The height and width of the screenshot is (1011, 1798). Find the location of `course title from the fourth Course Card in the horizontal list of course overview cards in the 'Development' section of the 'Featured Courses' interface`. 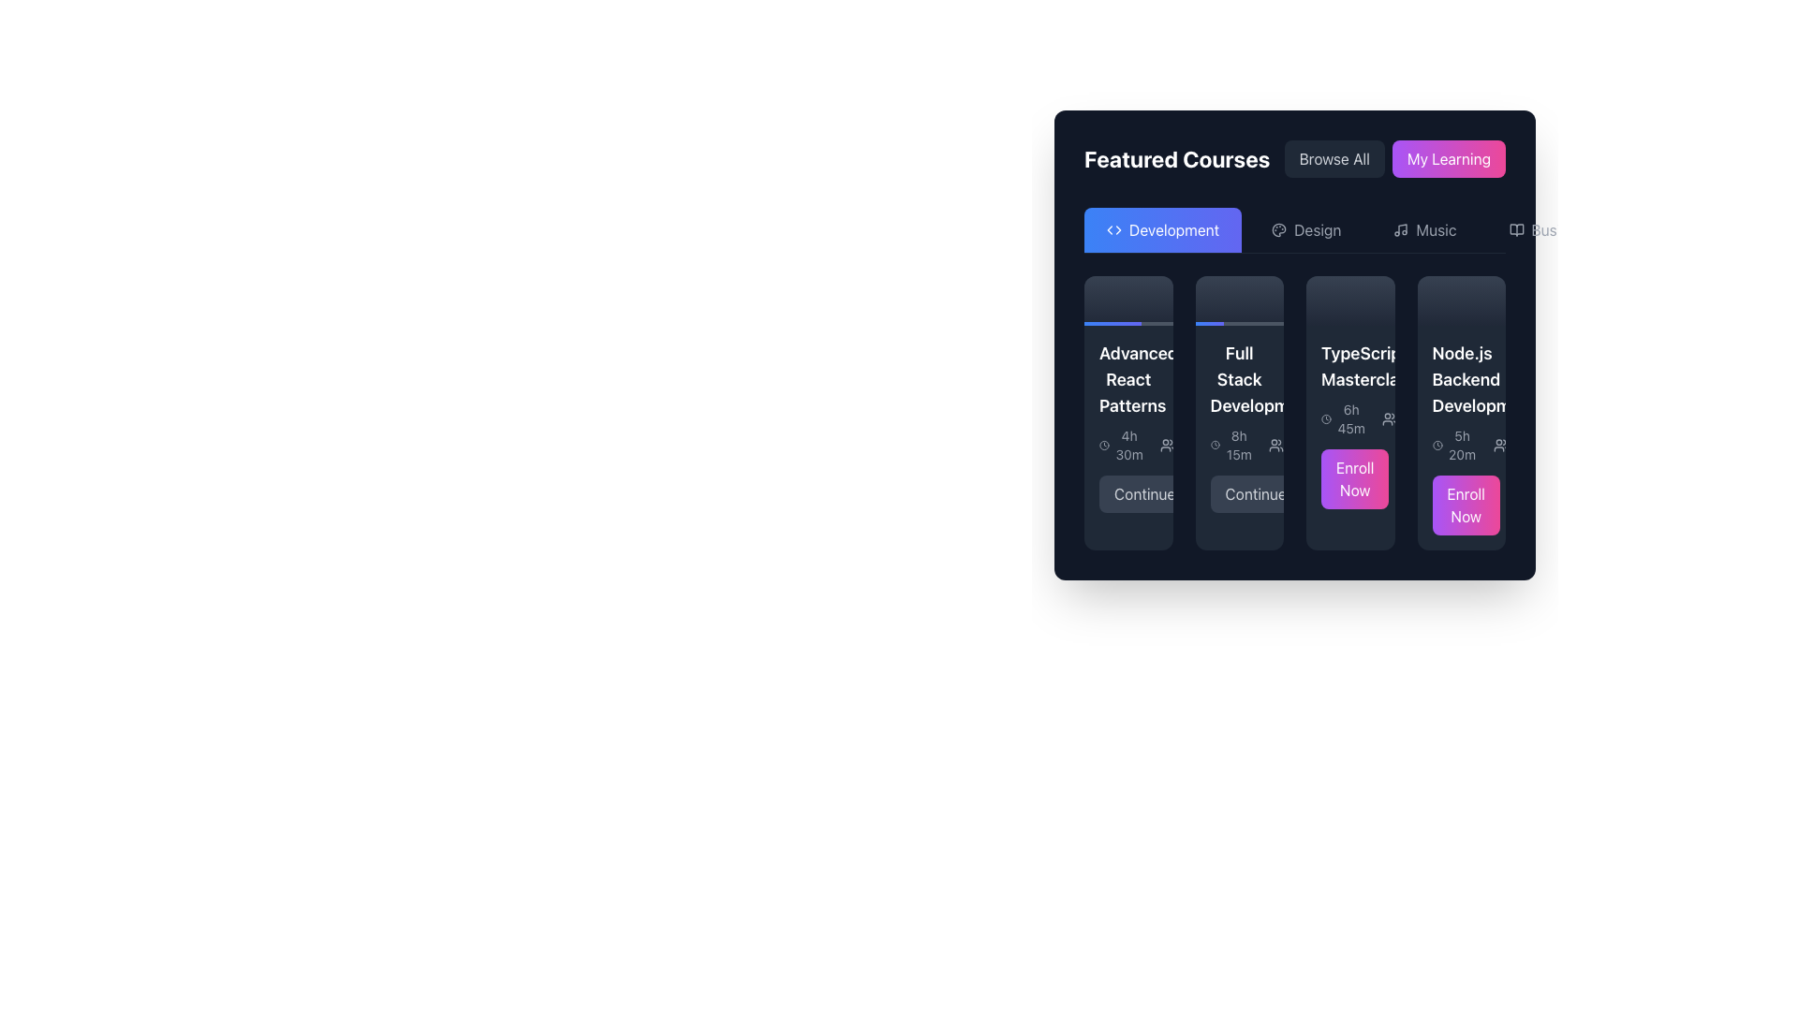

course title from the fourth Course Card in the horizontal list of course overview cards in the 'Development' section of the 'Featured Courses' interface is located at coordinates (1460, 438).